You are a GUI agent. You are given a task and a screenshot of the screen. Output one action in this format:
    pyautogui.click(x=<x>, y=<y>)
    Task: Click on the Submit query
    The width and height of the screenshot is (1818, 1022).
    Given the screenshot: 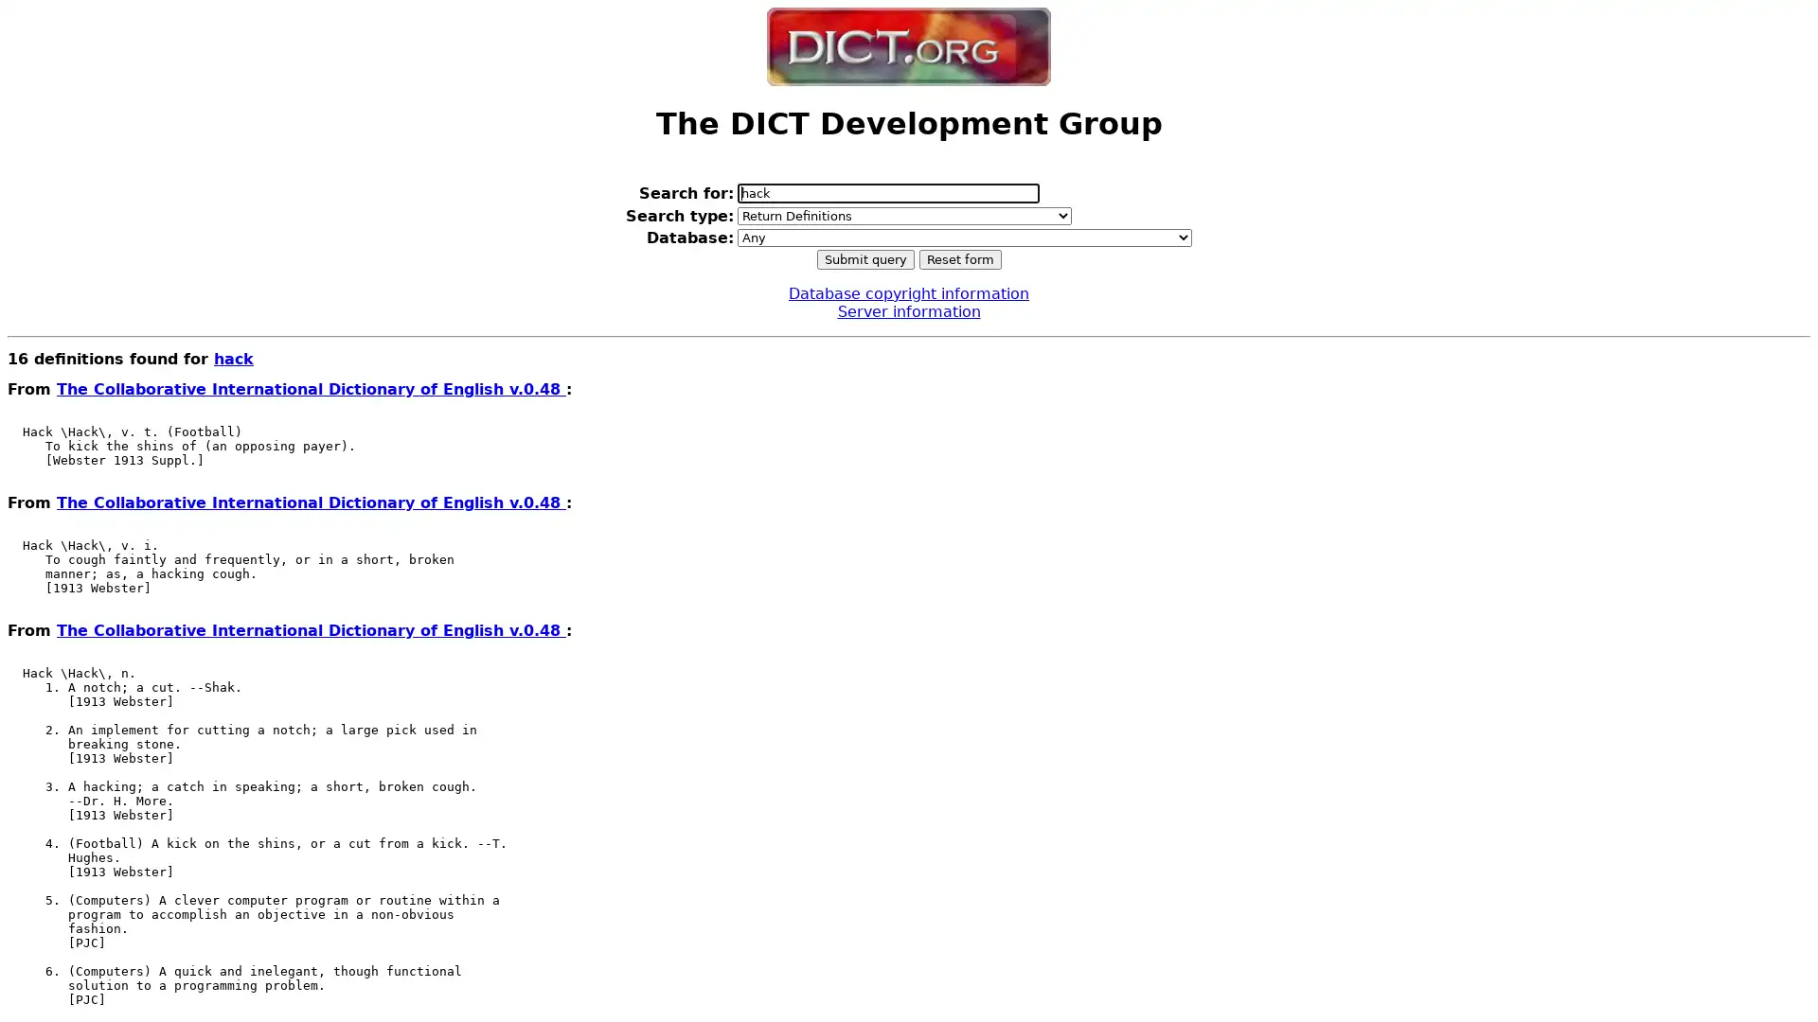 What is the action you would take?
    pyautogui.click(x=864, y=258)
    